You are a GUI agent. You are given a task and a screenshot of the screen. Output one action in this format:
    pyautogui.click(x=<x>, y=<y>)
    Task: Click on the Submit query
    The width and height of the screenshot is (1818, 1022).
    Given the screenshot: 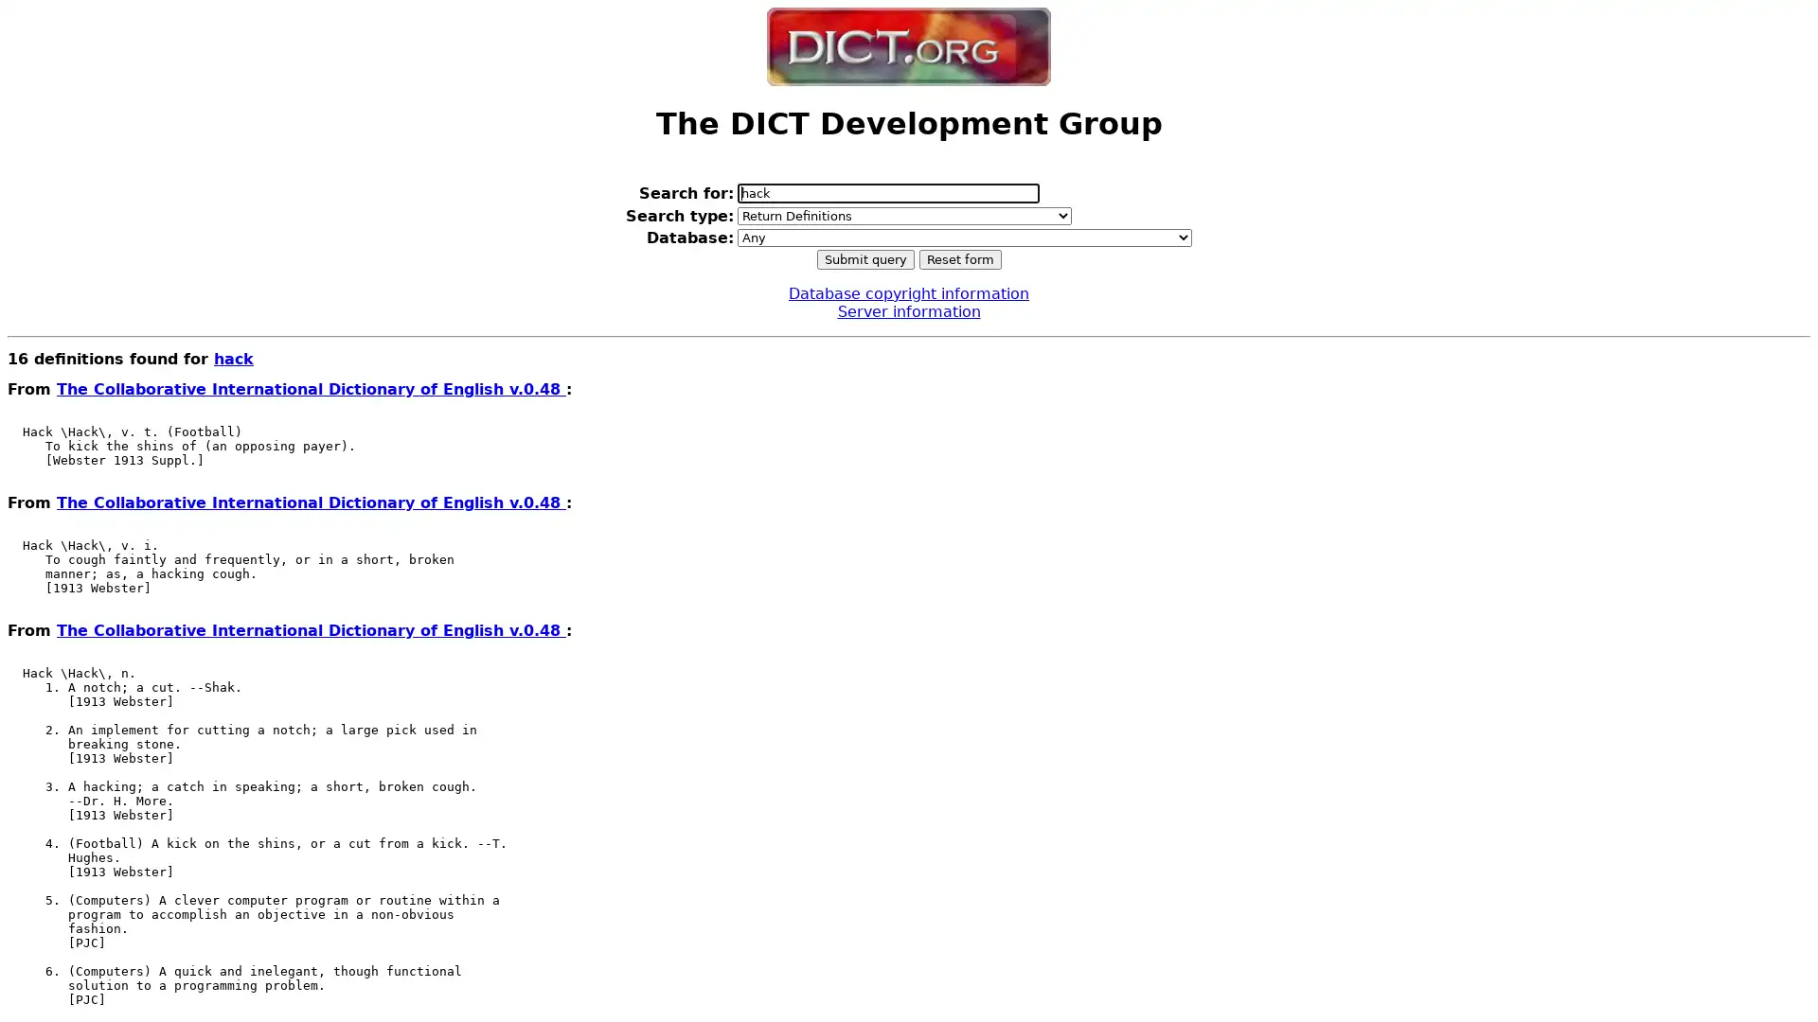 What is the action you would take?
    pyautogui.click(x=864, y=258)
    